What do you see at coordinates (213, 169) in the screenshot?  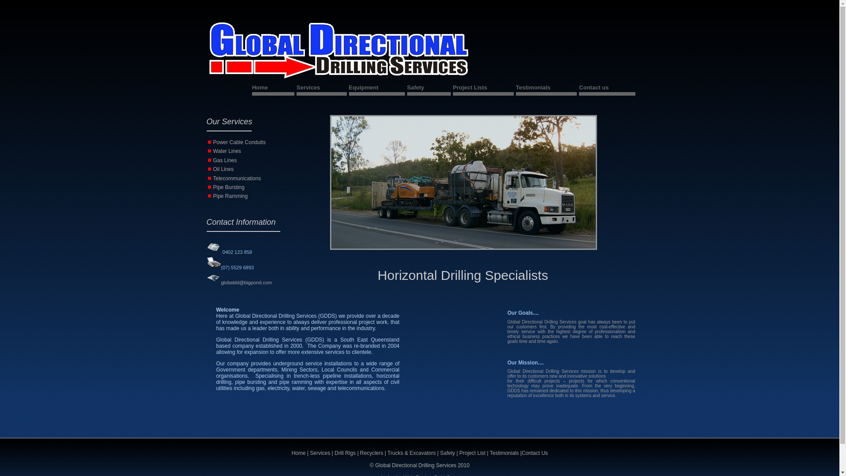 I see `'Oil Lines'` at bounding box center [213, 169].